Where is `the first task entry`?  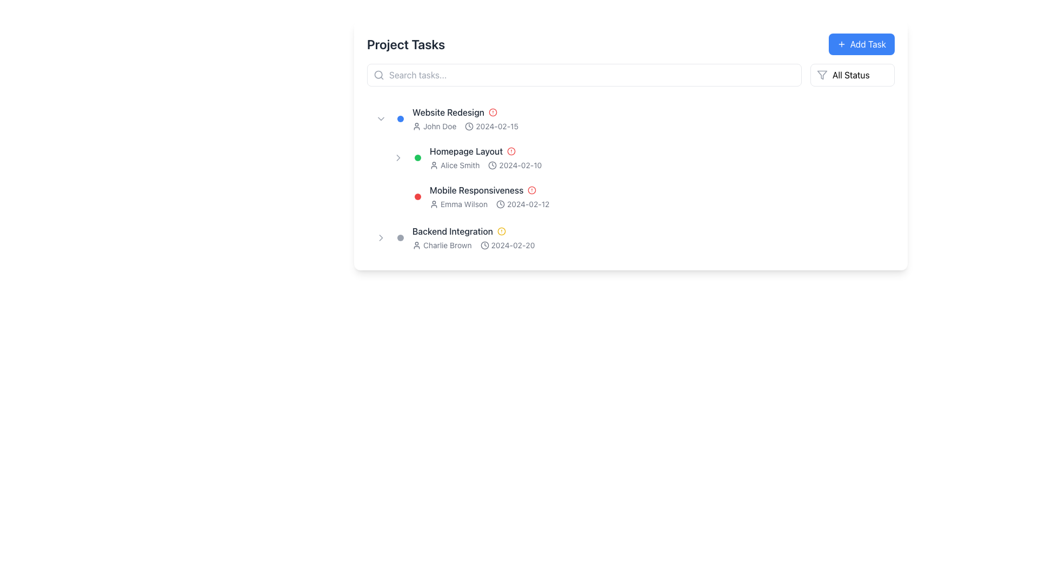
the first task entry is located at coordinates (630, 118).